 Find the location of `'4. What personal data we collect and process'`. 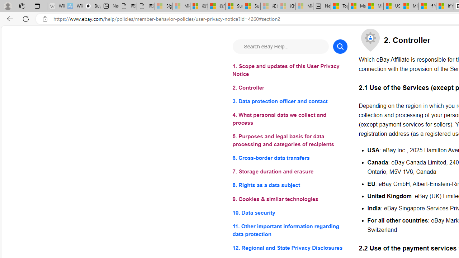

'4. What personal data we collect and process' is located at coordinates (290, 119).